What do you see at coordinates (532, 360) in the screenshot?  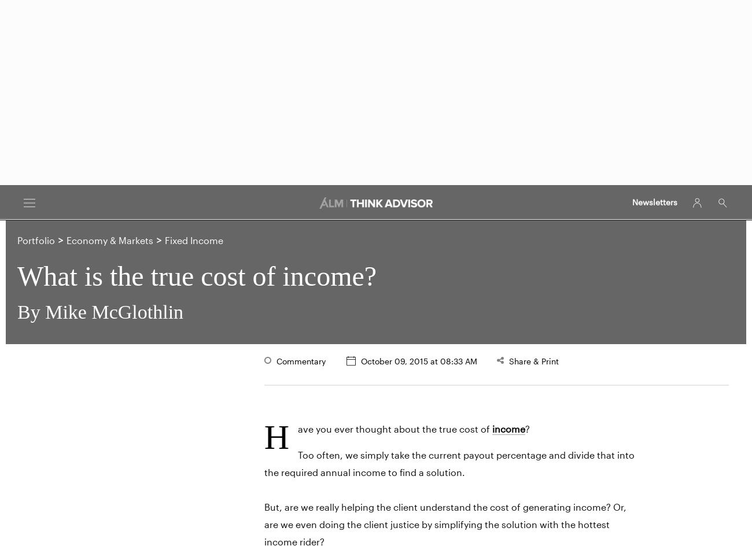 I see `'Share & Print'` at bounding box center [532, 360].